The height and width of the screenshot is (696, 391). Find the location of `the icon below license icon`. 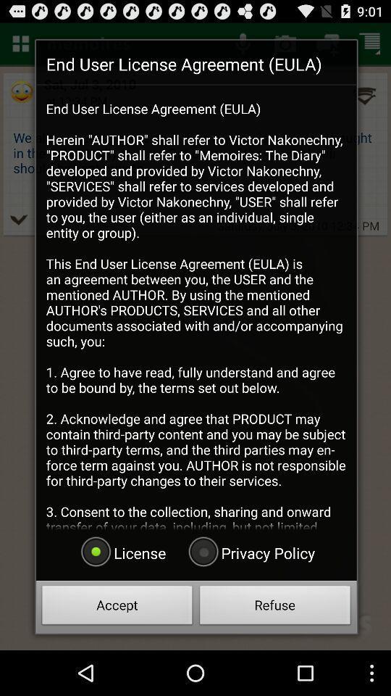

the icon below license icon is located at coordinates (117, 607).